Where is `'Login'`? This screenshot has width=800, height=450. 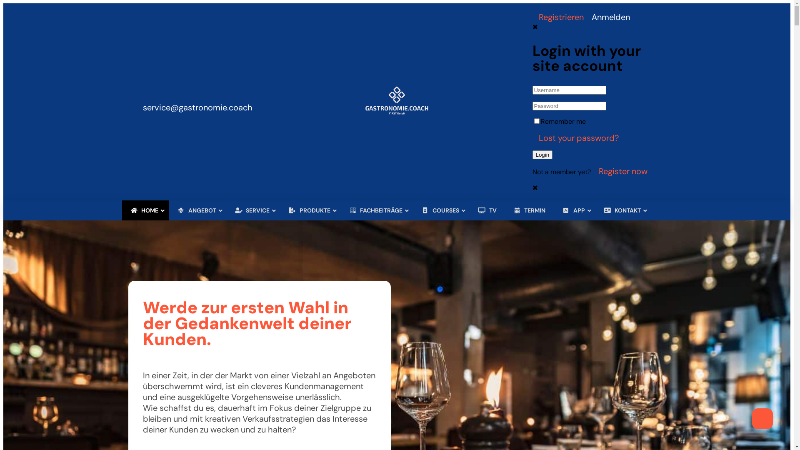
'Login' is located at coordinates (542, 155).